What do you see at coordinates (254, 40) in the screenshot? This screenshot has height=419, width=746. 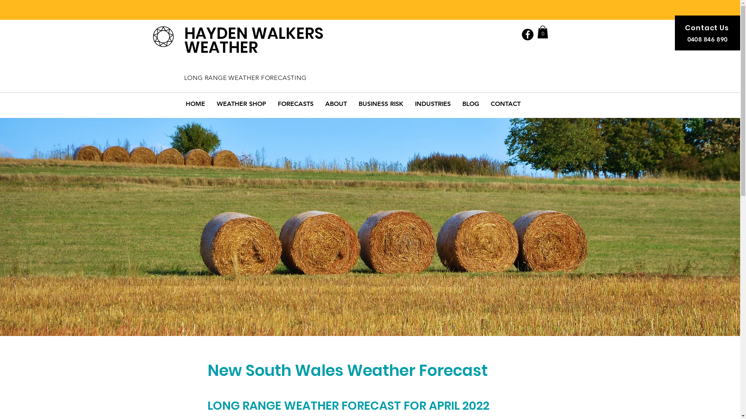 I see `'HAYDEN WALKERS WEATHER'` at bounding box center [254, 40].